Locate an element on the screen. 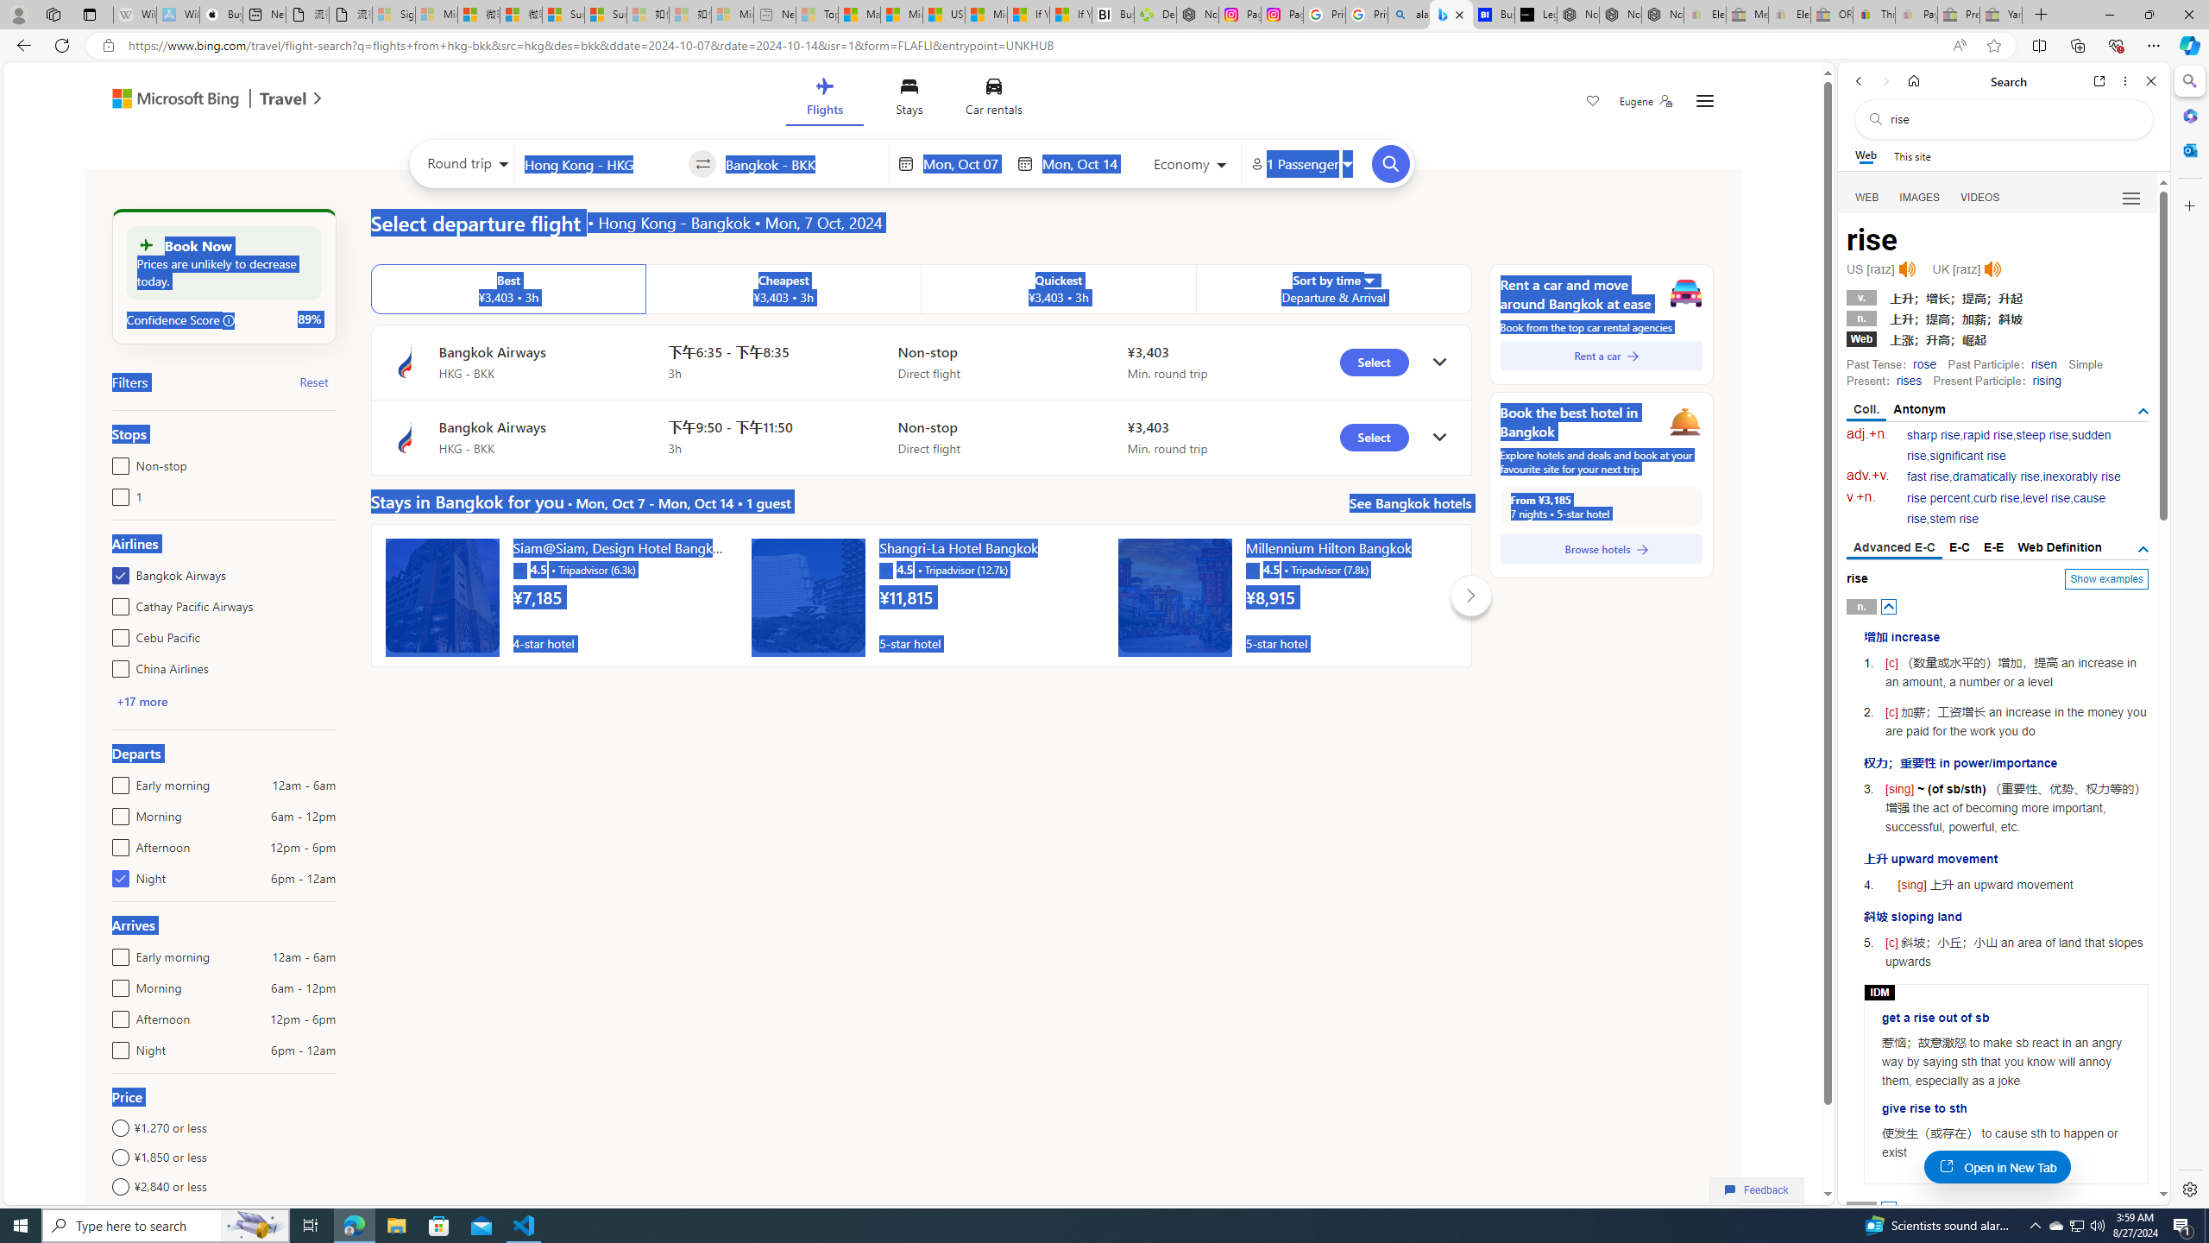 The width and height of the screenshot is (2209, 1243). 'Press Room - eBay Inc. - Sleeping' is located at coordinates (1959, 14).